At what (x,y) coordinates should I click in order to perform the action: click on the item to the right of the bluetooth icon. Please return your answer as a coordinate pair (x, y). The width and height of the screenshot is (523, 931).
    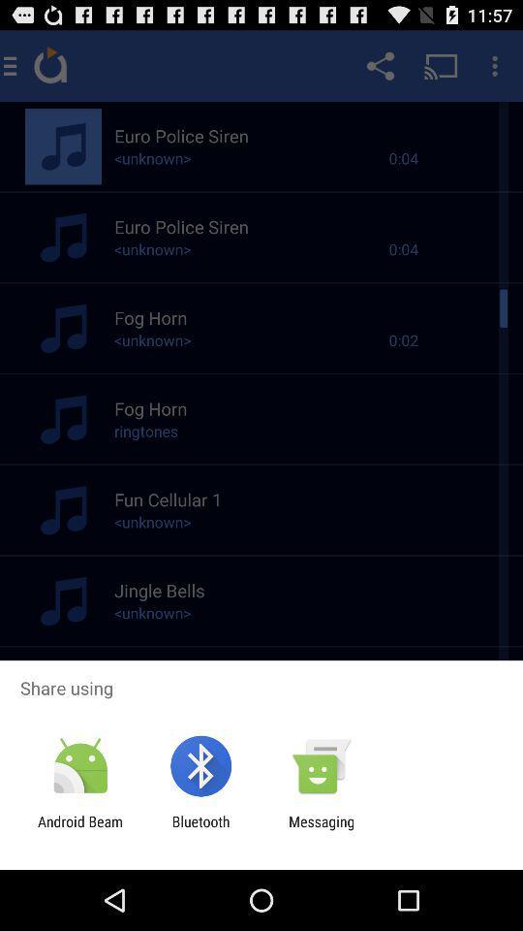
    Looking at the image, I should click on (322, 829).